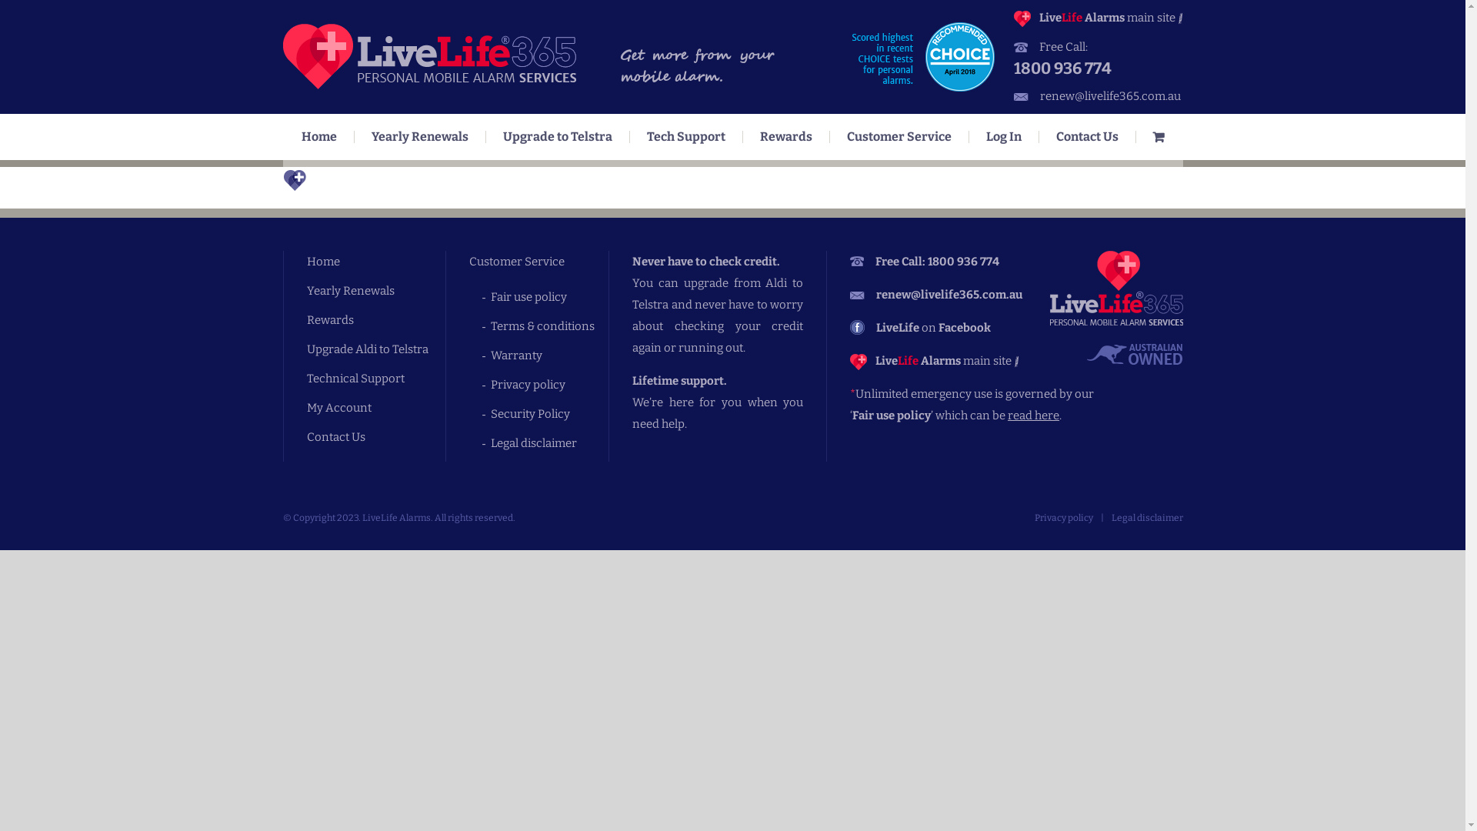 This screenshot has height=831, width=1477. What do you see at coordinates (375, 379) in the screenshot?
I see `'Technical Support'` at bounding box center [375, 379].